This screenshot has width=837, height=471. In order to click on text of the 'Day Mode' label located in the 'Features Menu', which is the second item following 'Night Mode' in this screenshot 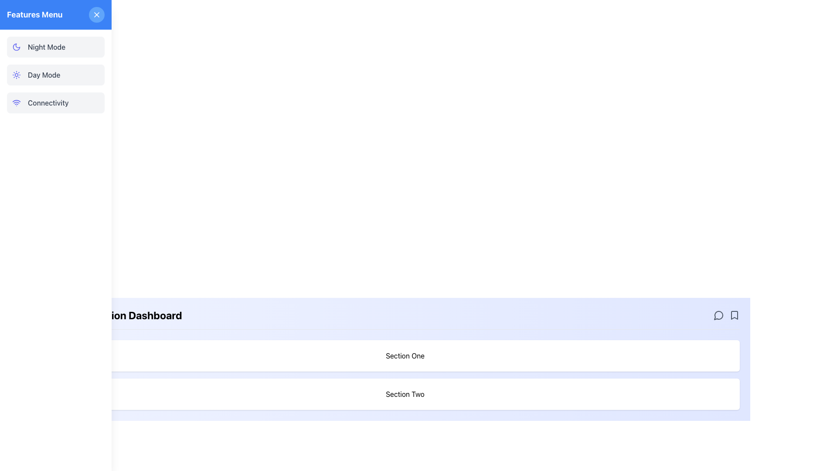, I will do `click(44, 75)`.